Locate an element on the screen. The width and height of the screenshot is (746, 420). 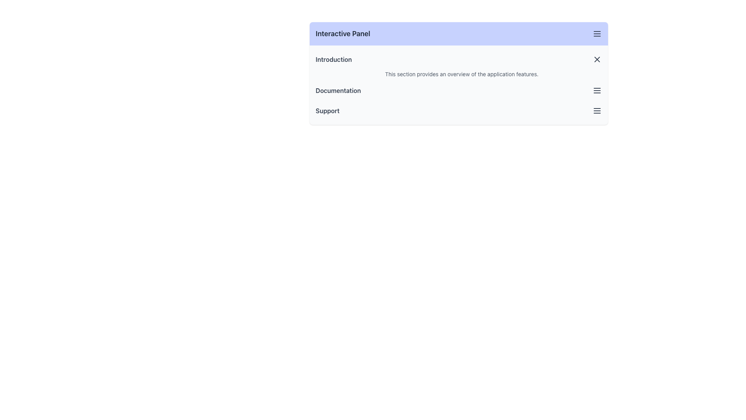
the close button icon located at the top-right corner of the 'Interactive Panel' is located at coordinates (596, 59).